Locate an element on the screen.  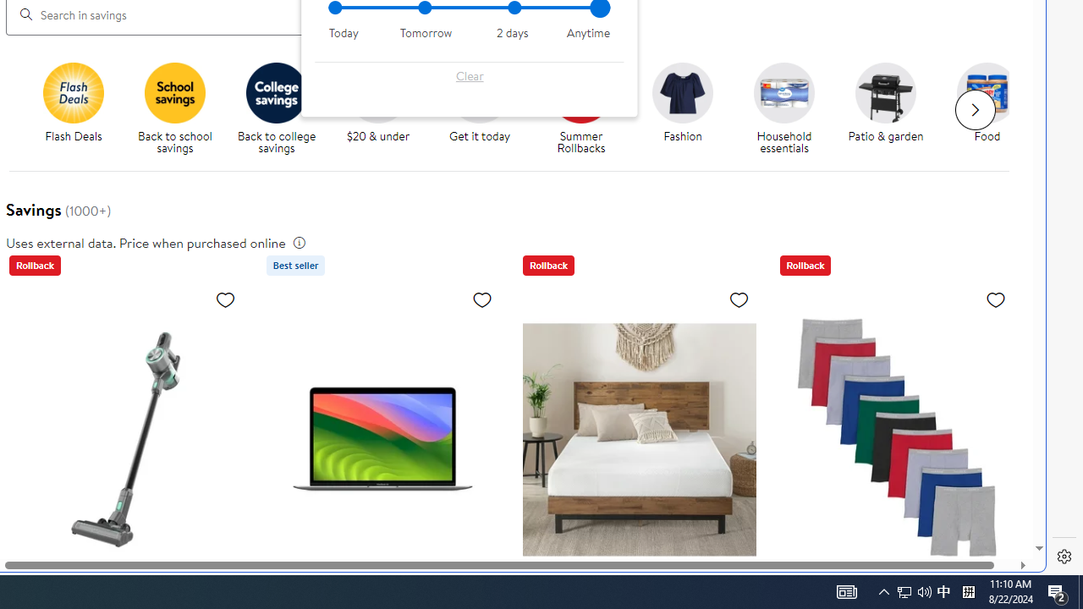
'Household essentials Household essentials' is located at coordinates (783, 109).